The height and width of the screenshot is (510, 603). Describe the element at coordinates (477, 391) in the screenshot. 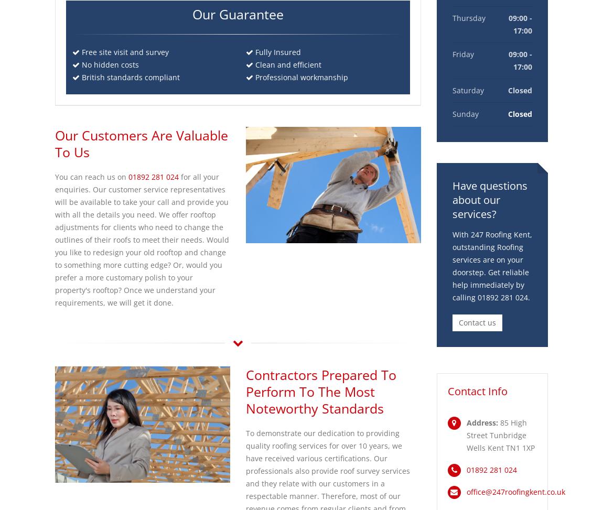

I see `'Contact Info'` at that location.